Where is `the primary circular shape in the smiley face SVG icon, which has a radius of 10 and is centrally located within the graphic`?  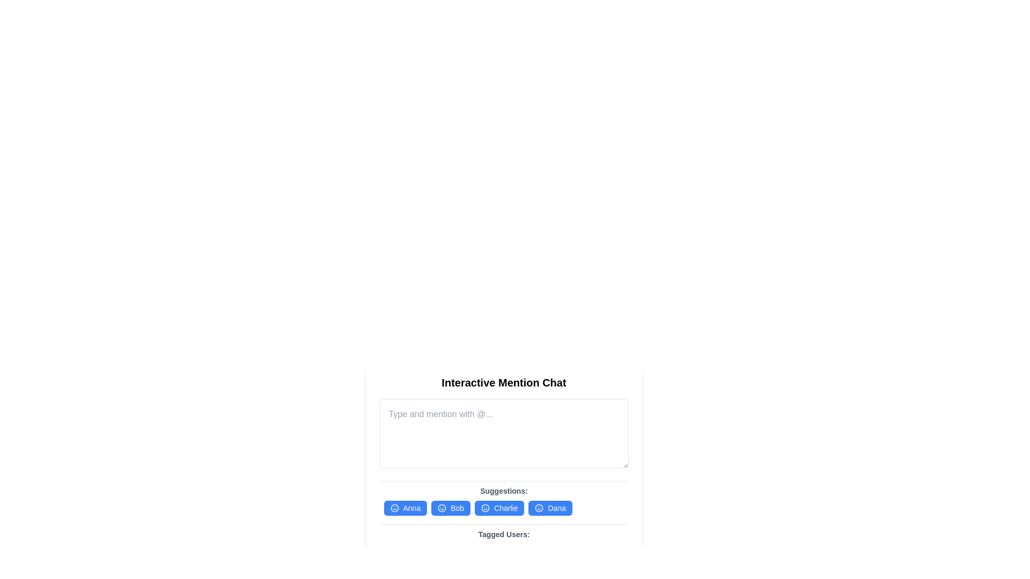
the primary circular shape in the smiley face SVG icon, which has a radius of 10 and is centrally located within the graphic is located at coordinates (539, 508).